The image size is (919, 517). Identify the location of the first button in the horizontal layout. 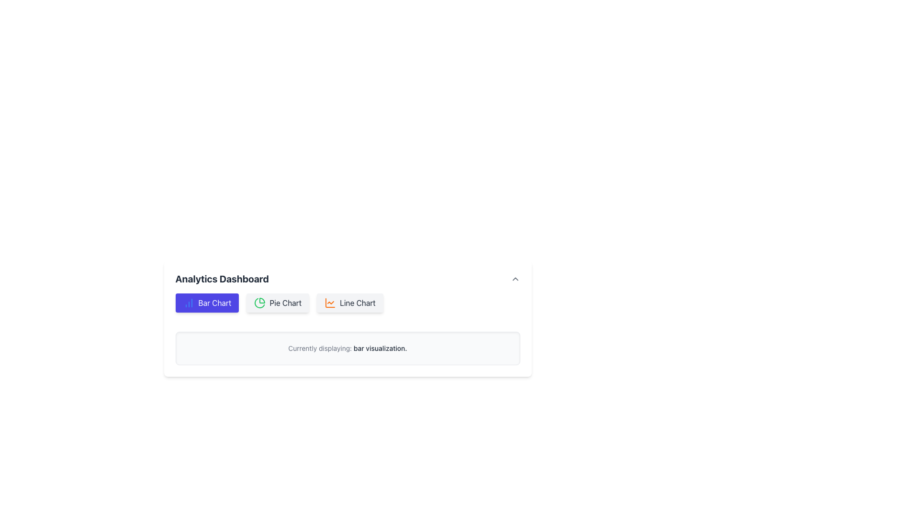
(206, 303).